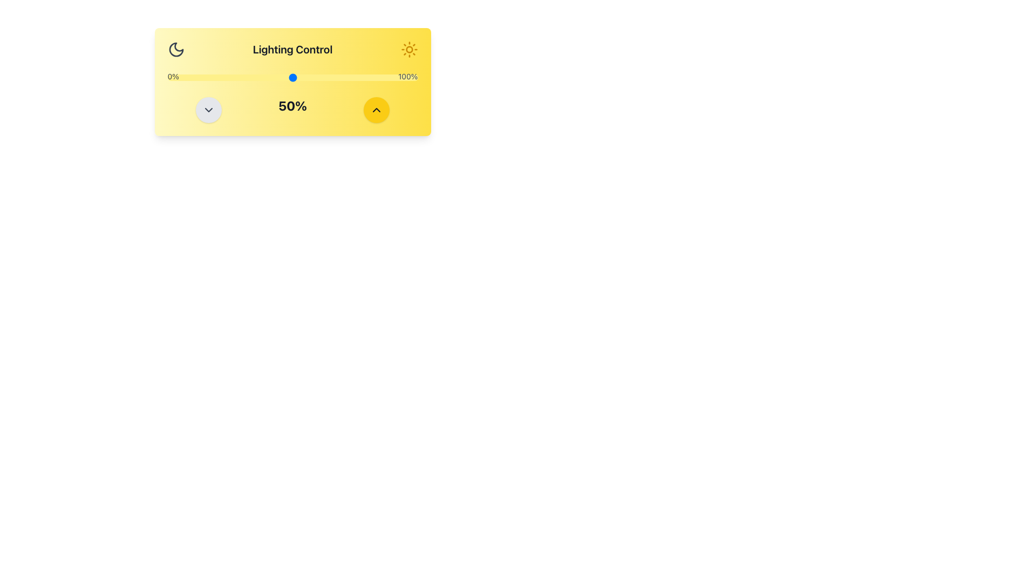 The image size is (1036, 583). Describe the element at coordinates (363, 77) in the screenshot. I see `the lighting intensity` at that location.